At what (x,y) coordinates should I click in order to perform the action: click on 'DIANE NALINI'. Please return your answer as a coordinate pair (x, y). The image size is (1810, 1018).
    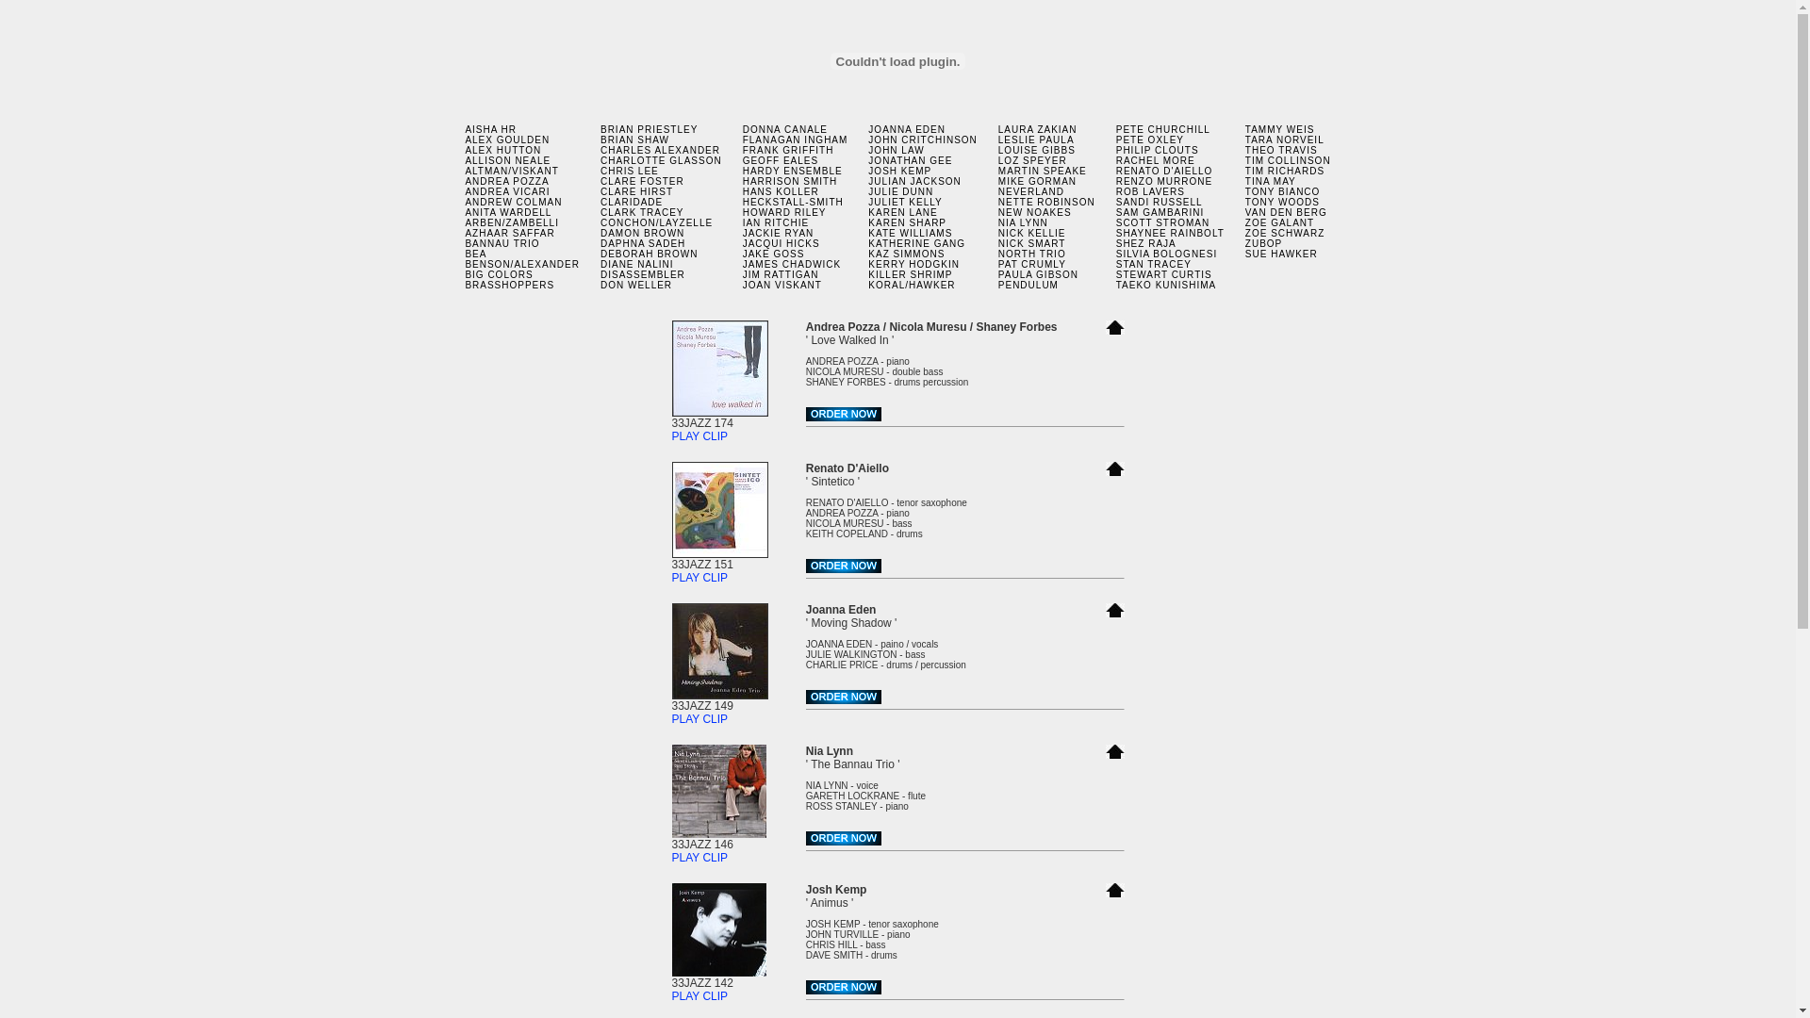
    Looking at the image, I should click on (637, 264).